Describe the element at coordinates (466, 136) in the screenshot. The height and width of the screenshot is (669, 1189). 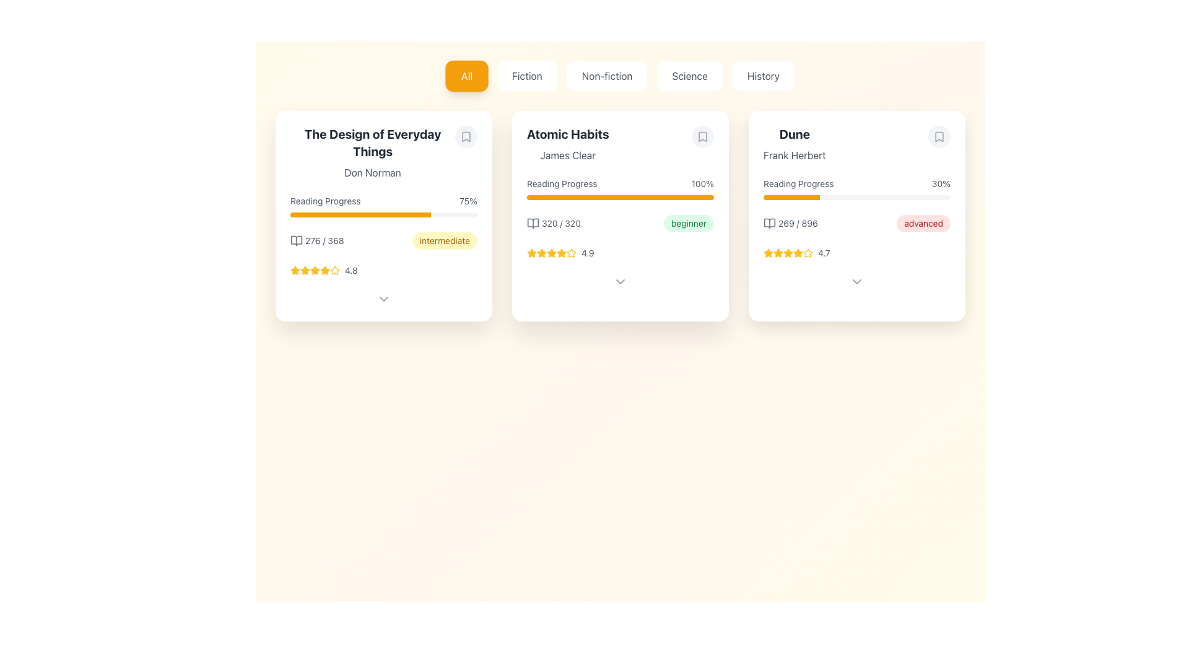
I see `the Bookmark icon located at the top-right corner of the card for 'The Design of Everyday Things'` at that location.